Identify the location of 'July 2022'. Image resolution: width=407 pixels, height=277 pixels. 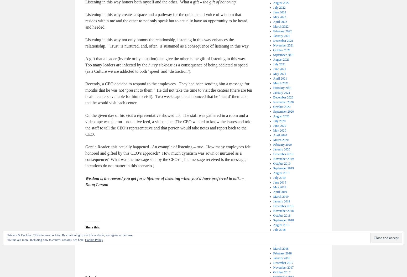
(279, 8).